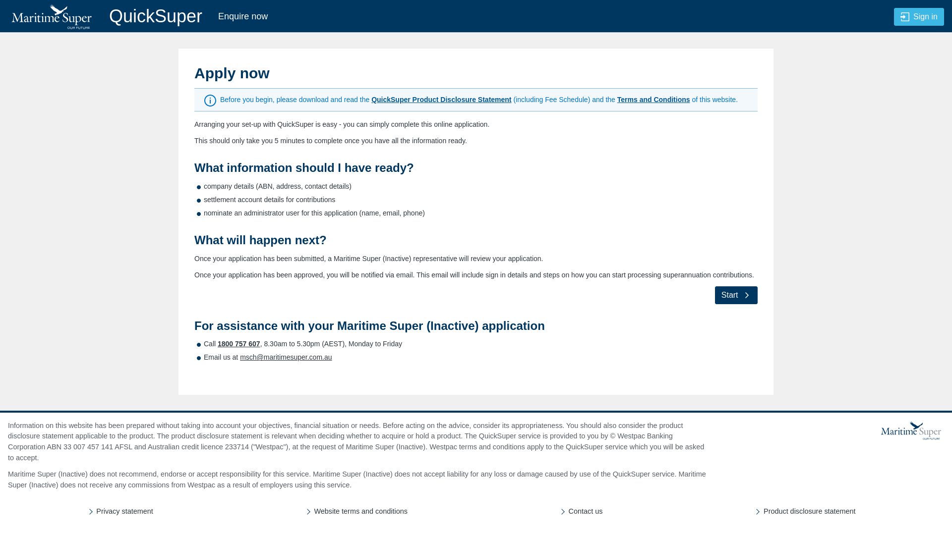 The image size is (952, 535). Describe the element at coordinates (763, 511) in the screenshot. I see `'Product disclosure statement'` at that location.